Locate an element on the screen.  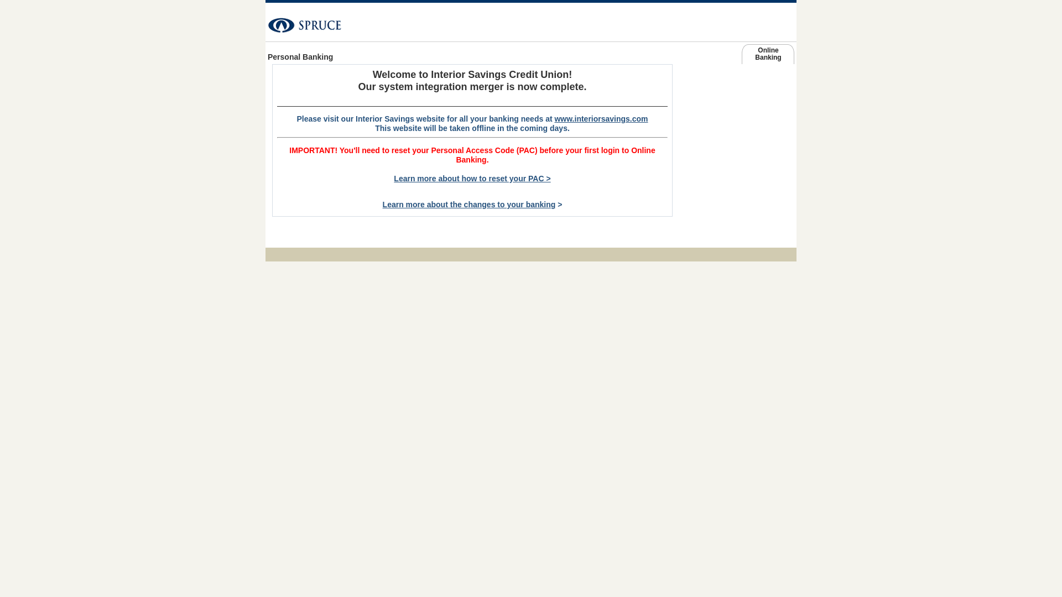
'Online Banking' is located at coordinates (741, 56).